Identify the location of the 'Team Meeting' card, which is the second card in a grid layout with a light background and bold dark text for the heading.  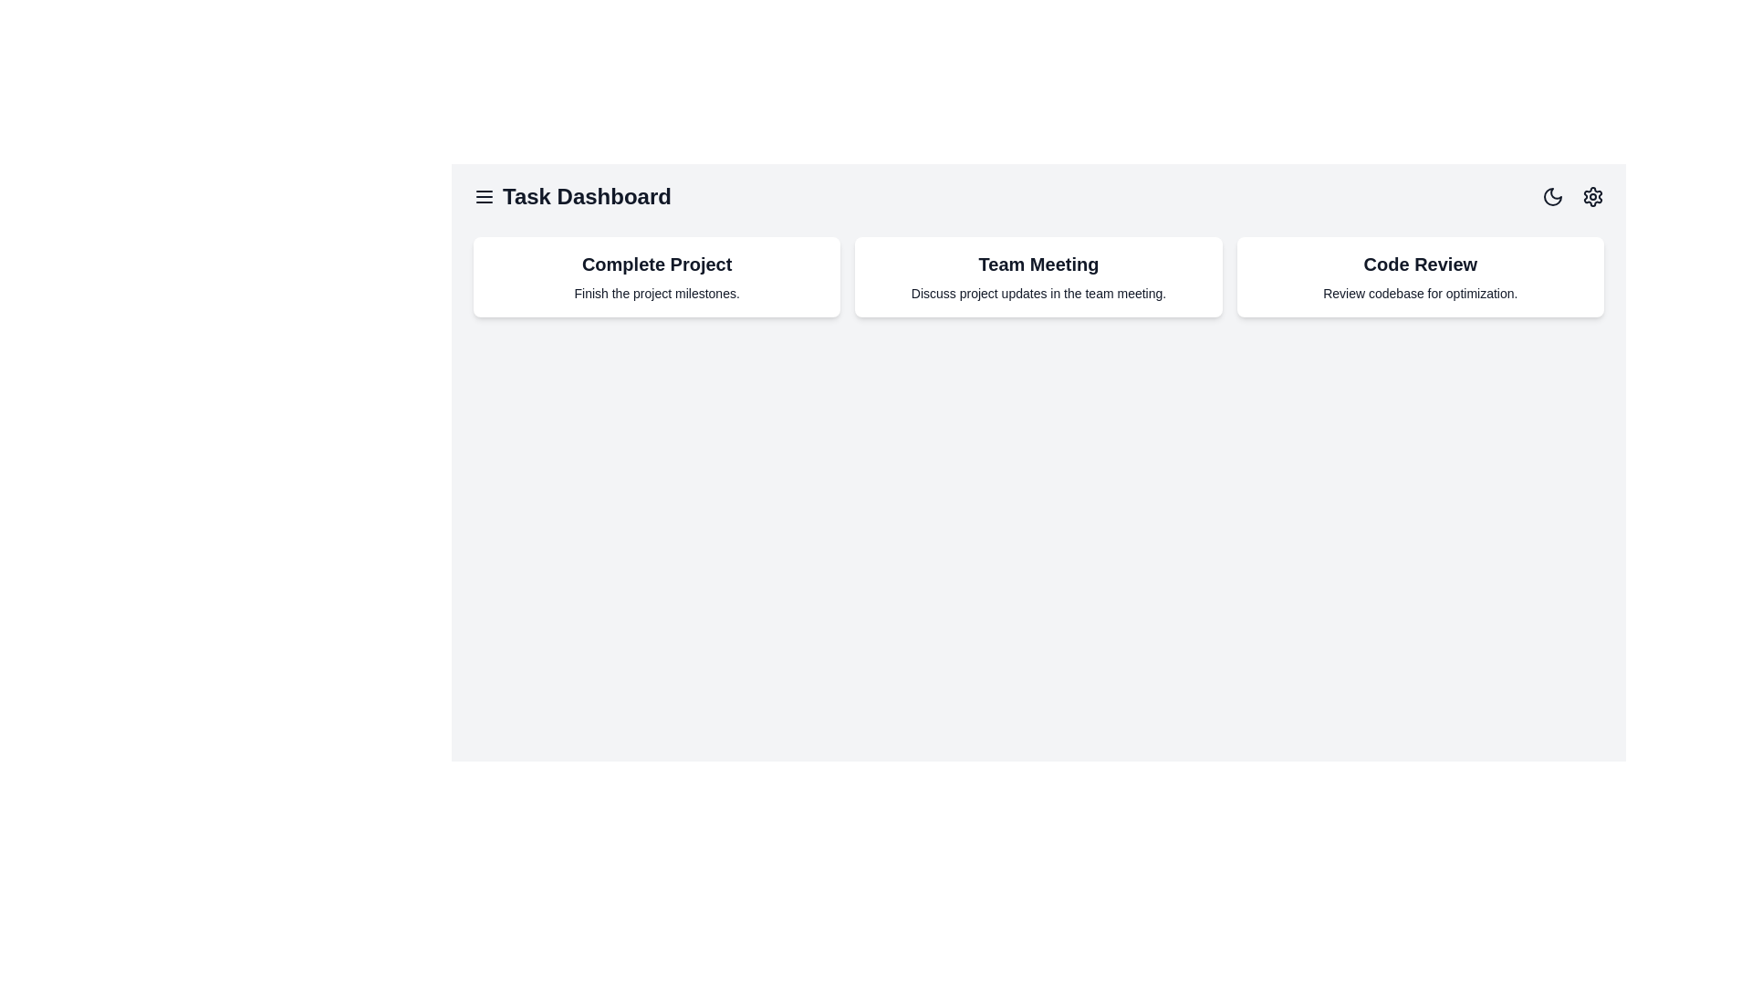
(1038, 277).